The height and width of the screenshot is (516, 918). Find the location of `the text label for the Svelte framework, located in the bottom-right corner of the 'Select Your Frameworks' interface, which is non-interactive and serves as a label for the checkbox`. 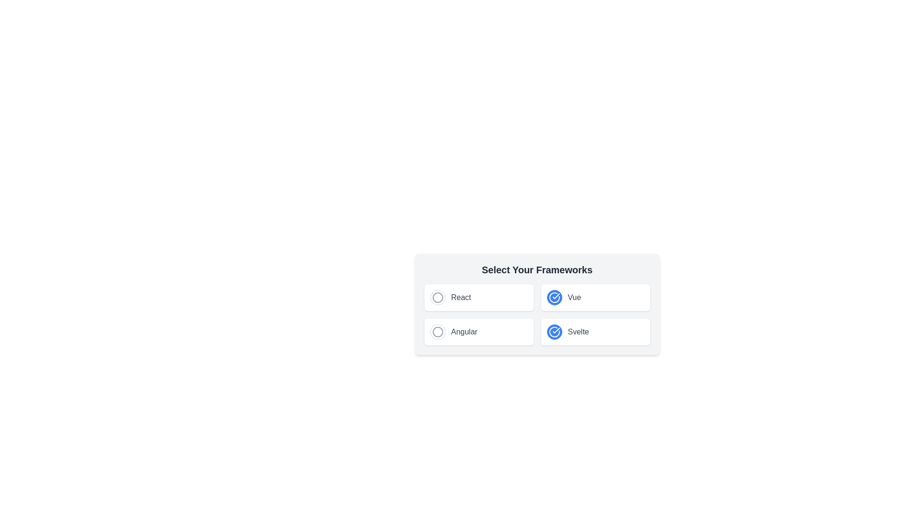

the text label for the Svelte framework, located in the bottom-right corner of the 'Select Your Frameworks' interface, which is non-interactive and serves as a label for the checkbox is located at coordinates (578, 331).